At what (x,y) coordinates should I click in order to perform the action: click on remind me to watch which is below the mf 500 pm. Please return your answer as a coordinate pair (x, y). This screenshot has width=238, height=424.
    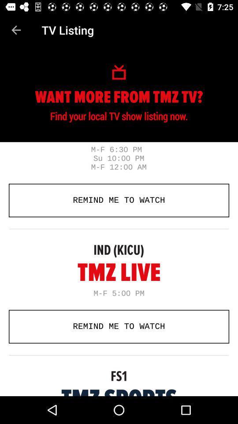
    Looking at the image, I should click on (119, 326).